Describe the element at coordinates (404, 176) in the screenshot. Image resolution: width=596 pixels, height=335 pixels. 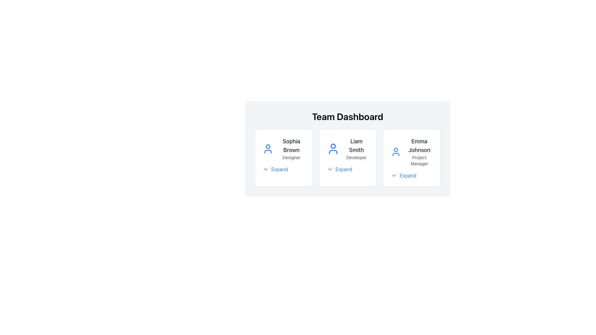
I see `the fourth 'Expand' button located at the bottom-right corner of the 'Emma Johnson' card in the 'Team Dashboard' to trigger a tooltip` at that location.